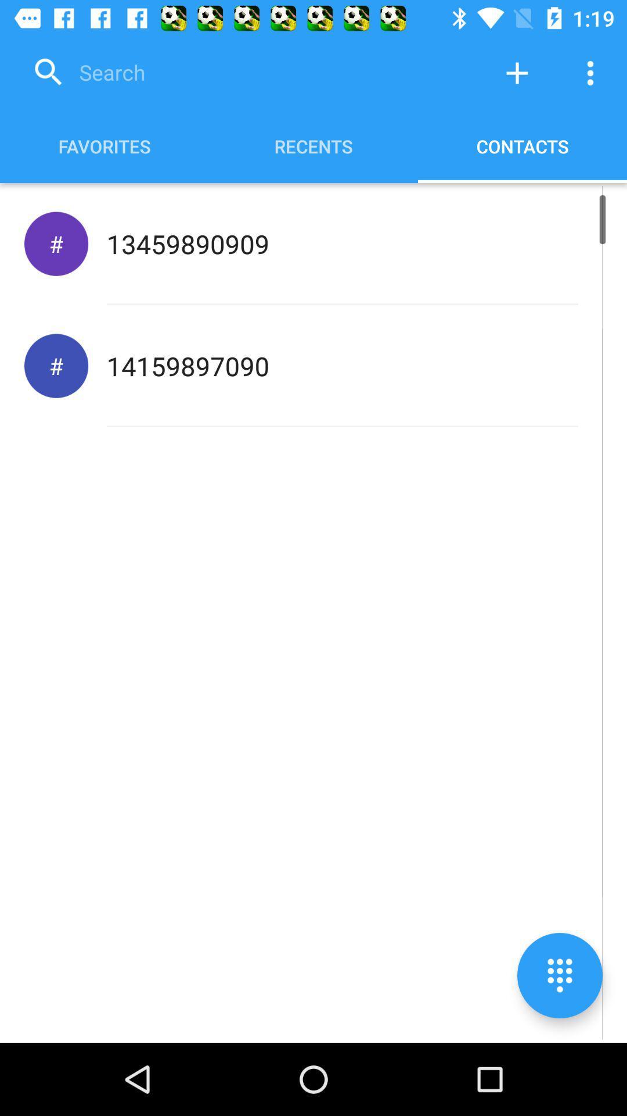 Image resolution: width=627 pixels, height=1116 pixels. What do you see at coordinates (517, 72) in the screenshot?
I see `contact` at bounding box center [517, 72].